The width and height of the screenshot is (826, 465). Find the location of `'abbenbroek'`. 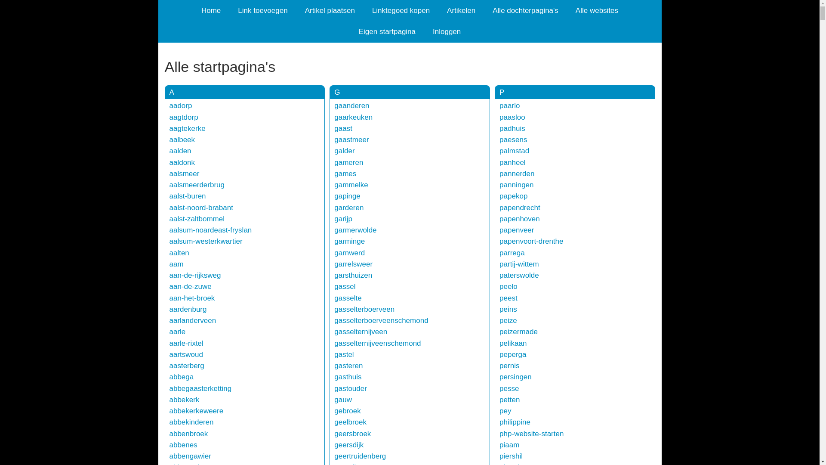

'abbenbroek' is located at coordinates (188, 434).